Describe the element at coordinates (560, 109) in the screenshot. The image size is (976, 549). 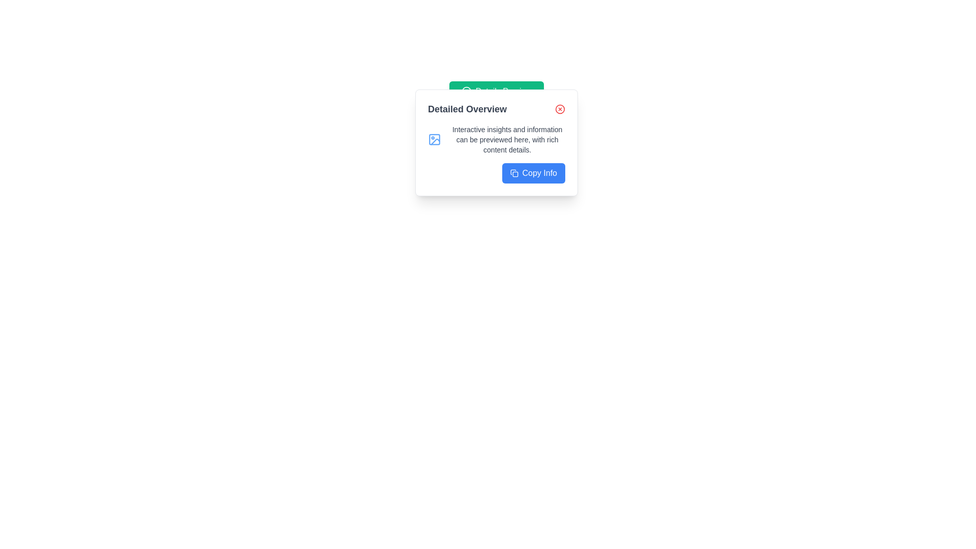
I see `the central vector graphical circle representing the 'close' or 'cancel' icon in the top-right corner of the popup card` at that location.